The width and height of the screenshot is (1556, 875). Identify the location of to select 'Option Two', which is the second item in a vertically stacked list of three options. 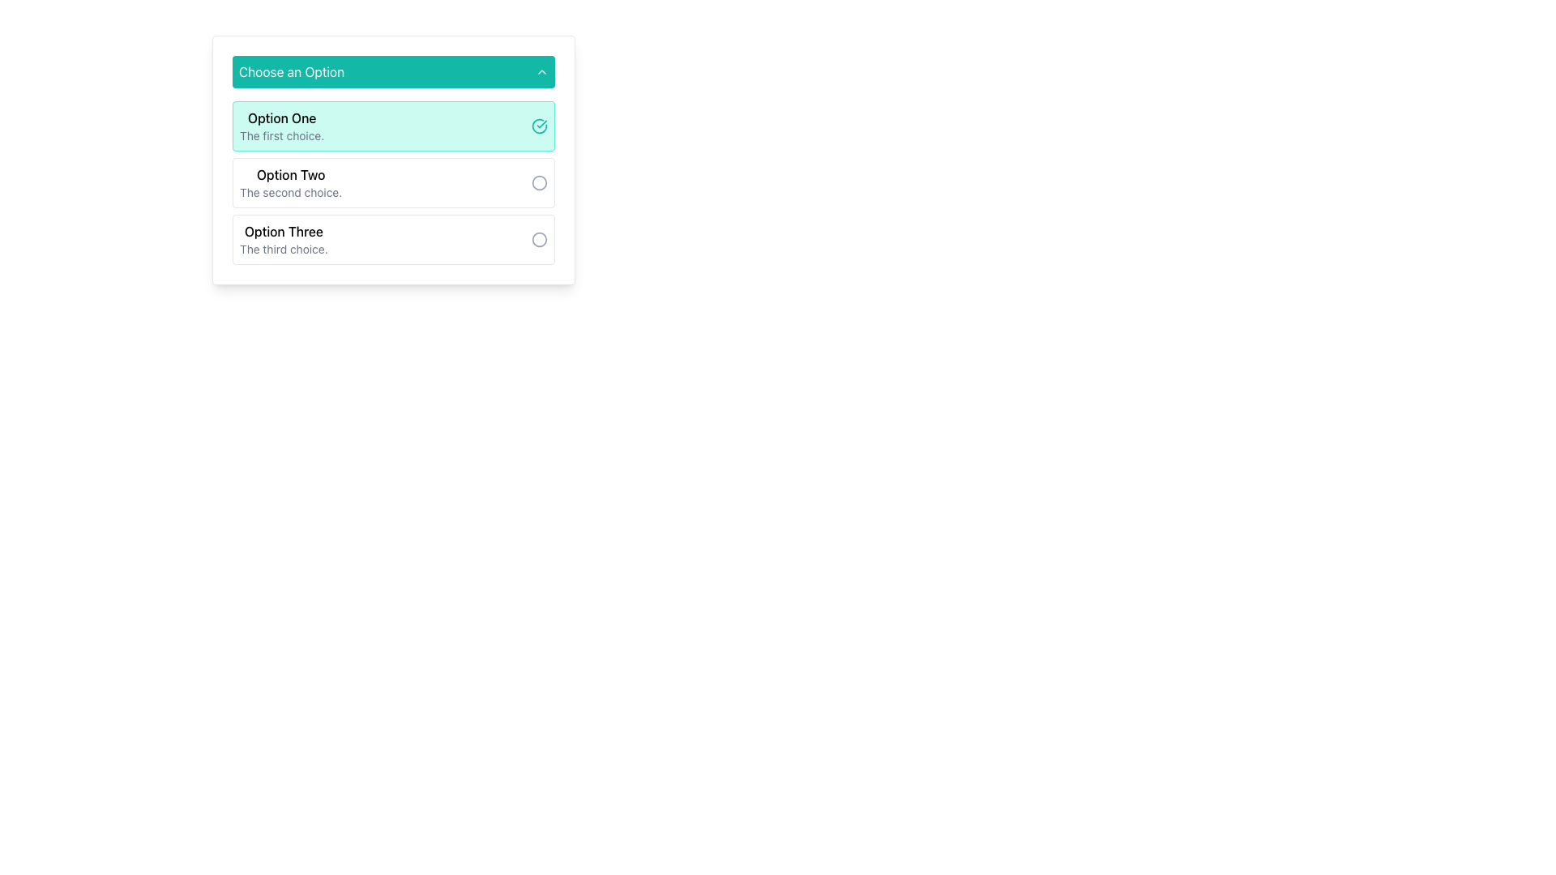
(393, 182).